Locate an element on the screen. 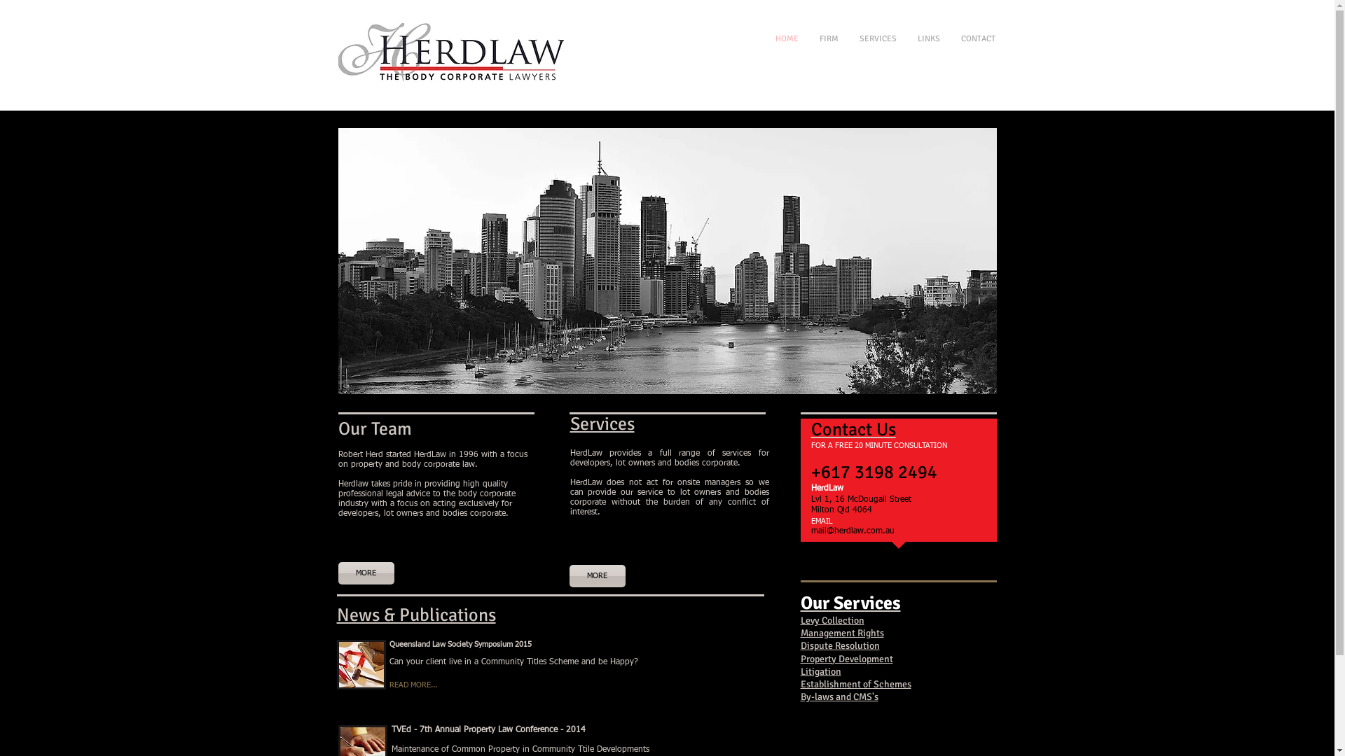 This screenshot has height=756, width=1345. 'Contact Us' is located at coordinates (853, 428).